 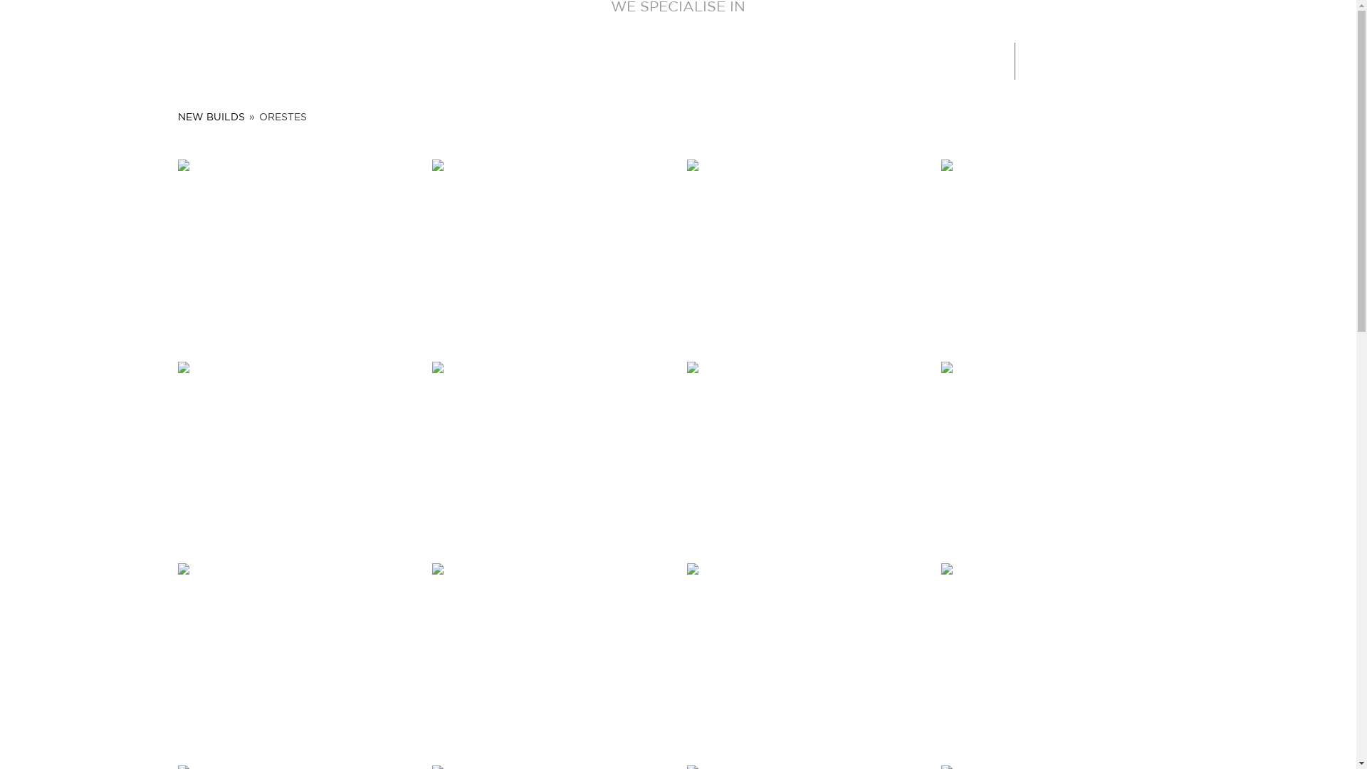 I want to click on 'Orestes', so click(x=805, y=454).